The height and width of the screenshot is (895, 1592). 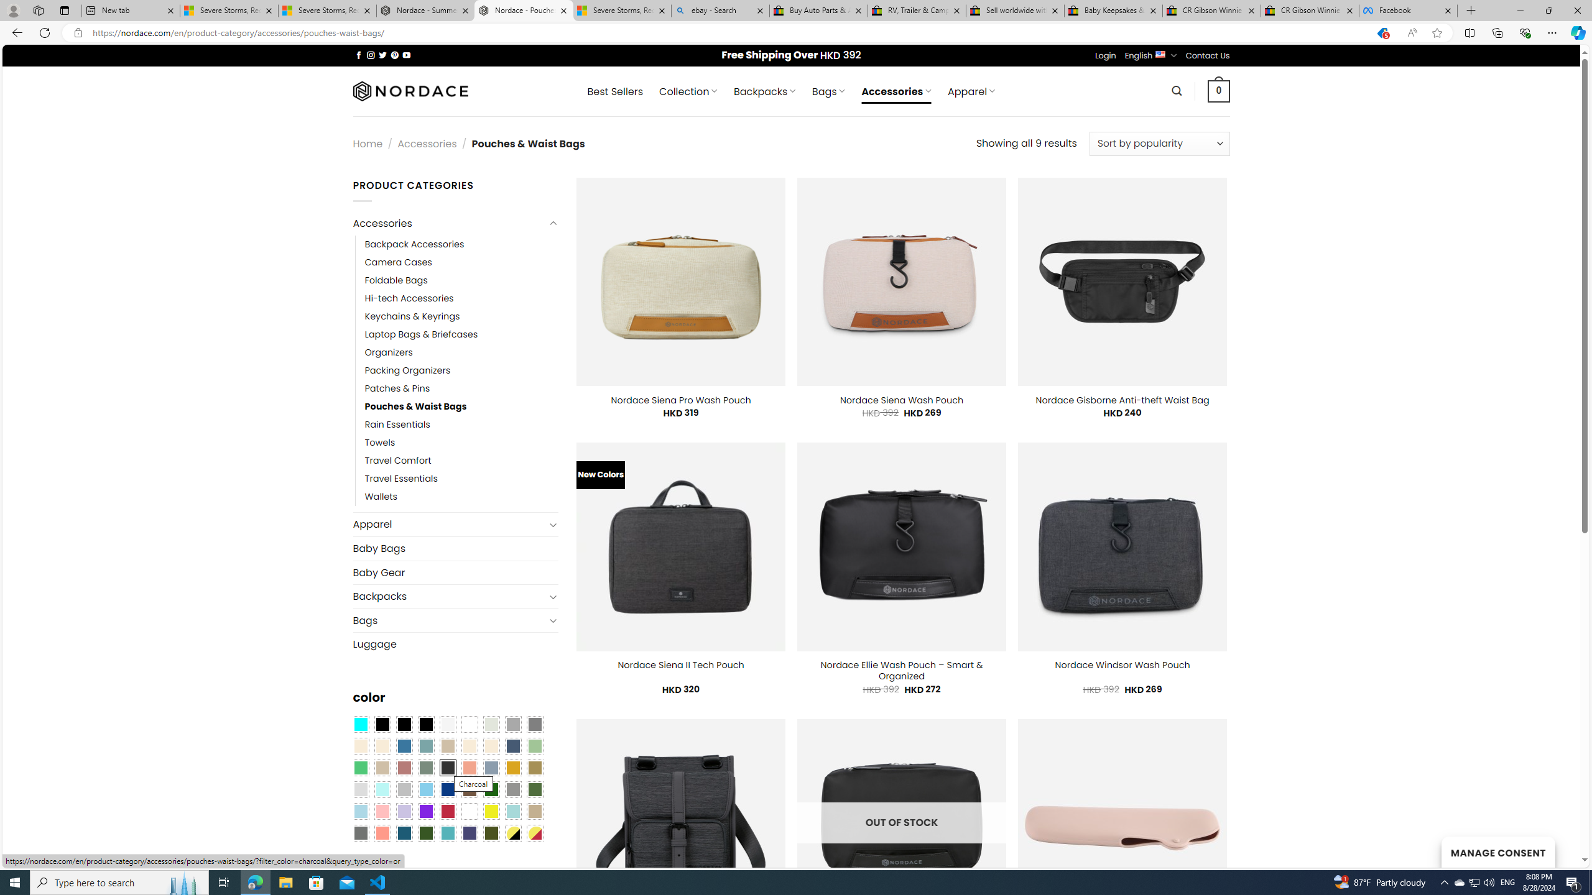 I want to click on 'Backpack Accessories', so click(x=414, y=243).